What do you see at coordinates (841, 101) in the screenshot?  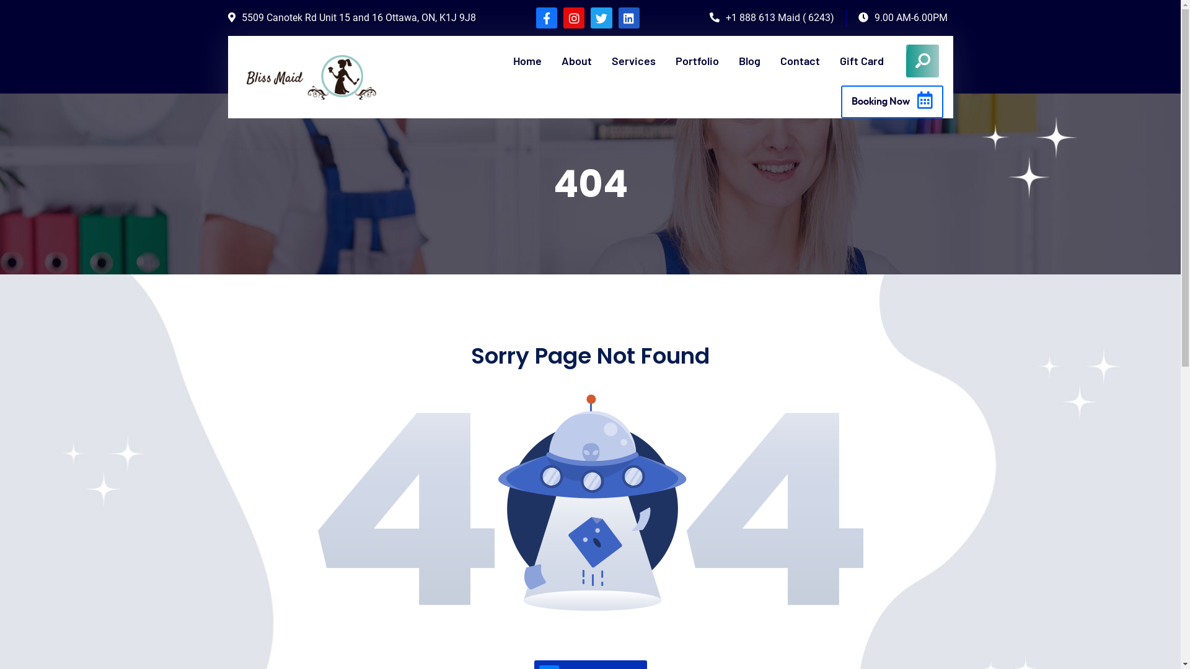 I see `'Booking Now'` at bounding box center [841, 101].